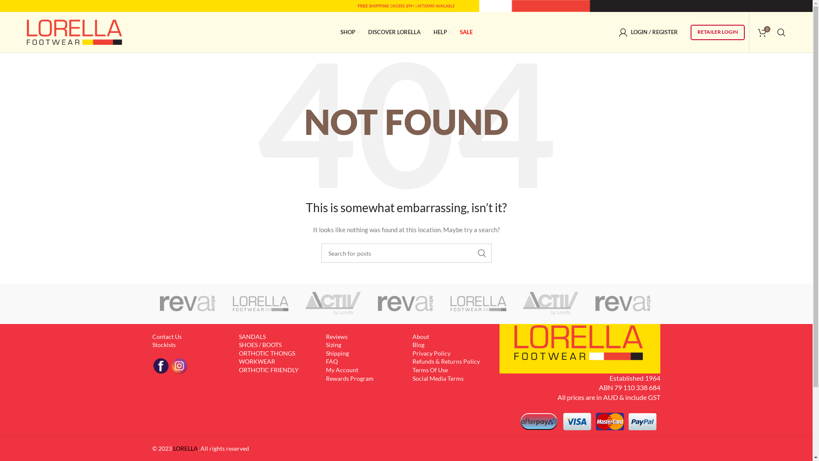  I want to click on 'Stockists', so click(163, 344).